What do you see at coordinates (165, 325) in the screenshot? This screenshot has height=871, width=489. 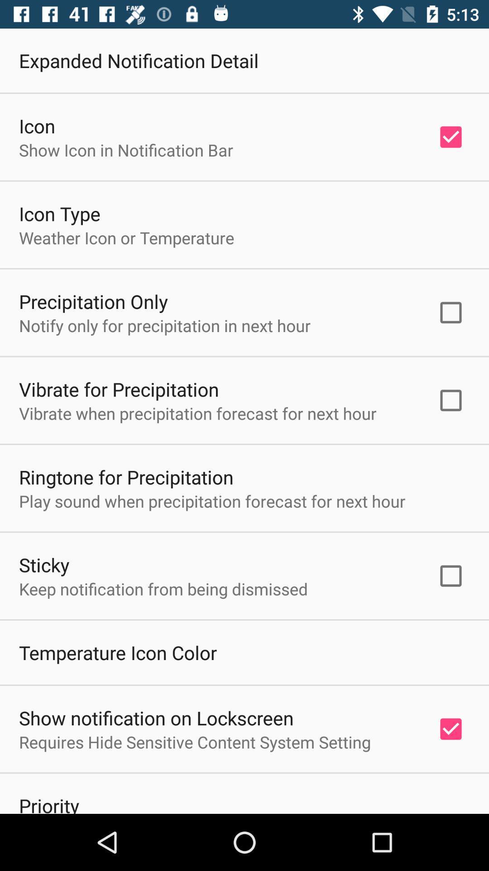 I see `the notify only for item` at bounding box center [165, 325].